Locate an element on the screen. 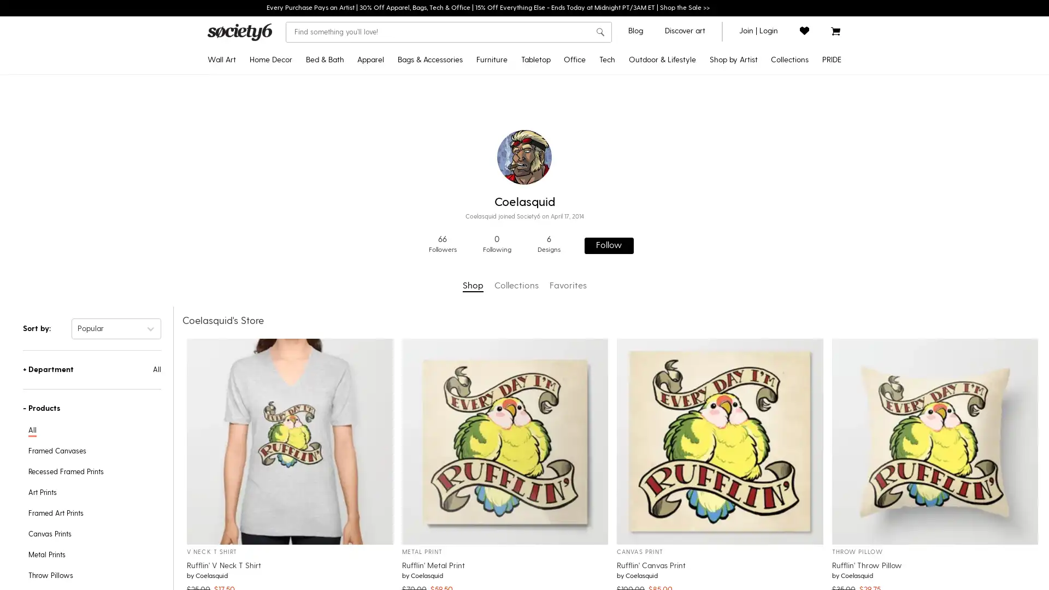 Image resolution: width=1049 pixels, height=590 pixels. Curator's Picks is located at coordinates (704, 263).